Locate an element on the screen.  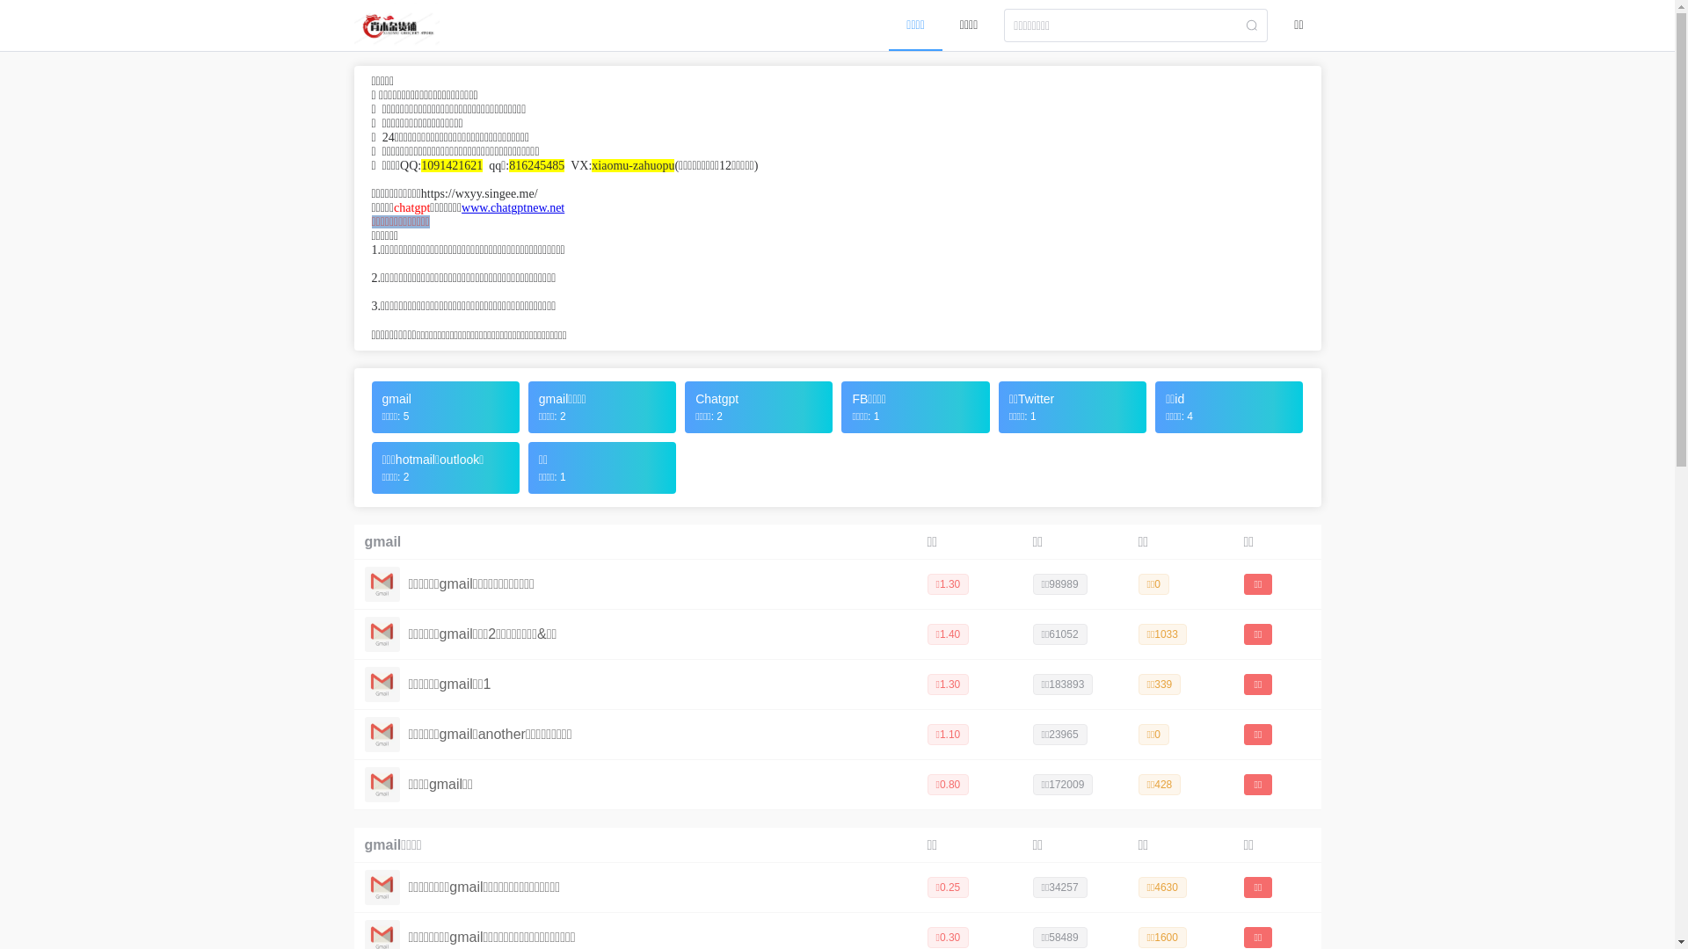
'www.chatgptnew.net' is located at coordinates (512, 206).